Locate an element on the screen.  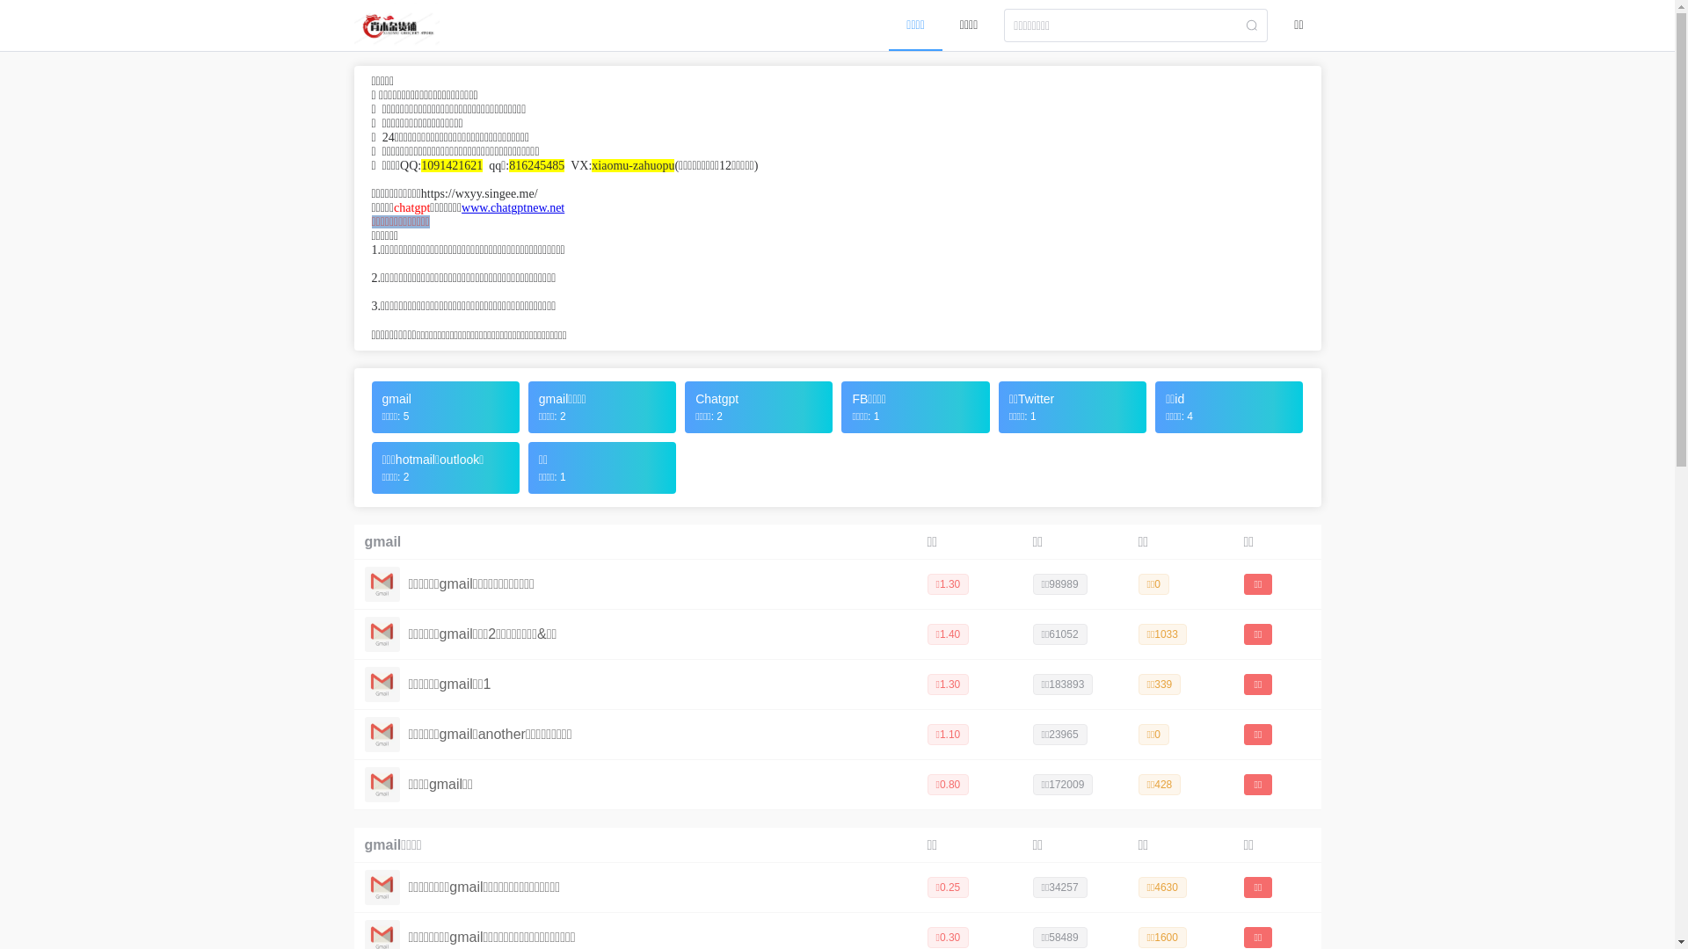
'www.chatgptnew.net' is located at coordinates (512, 206).